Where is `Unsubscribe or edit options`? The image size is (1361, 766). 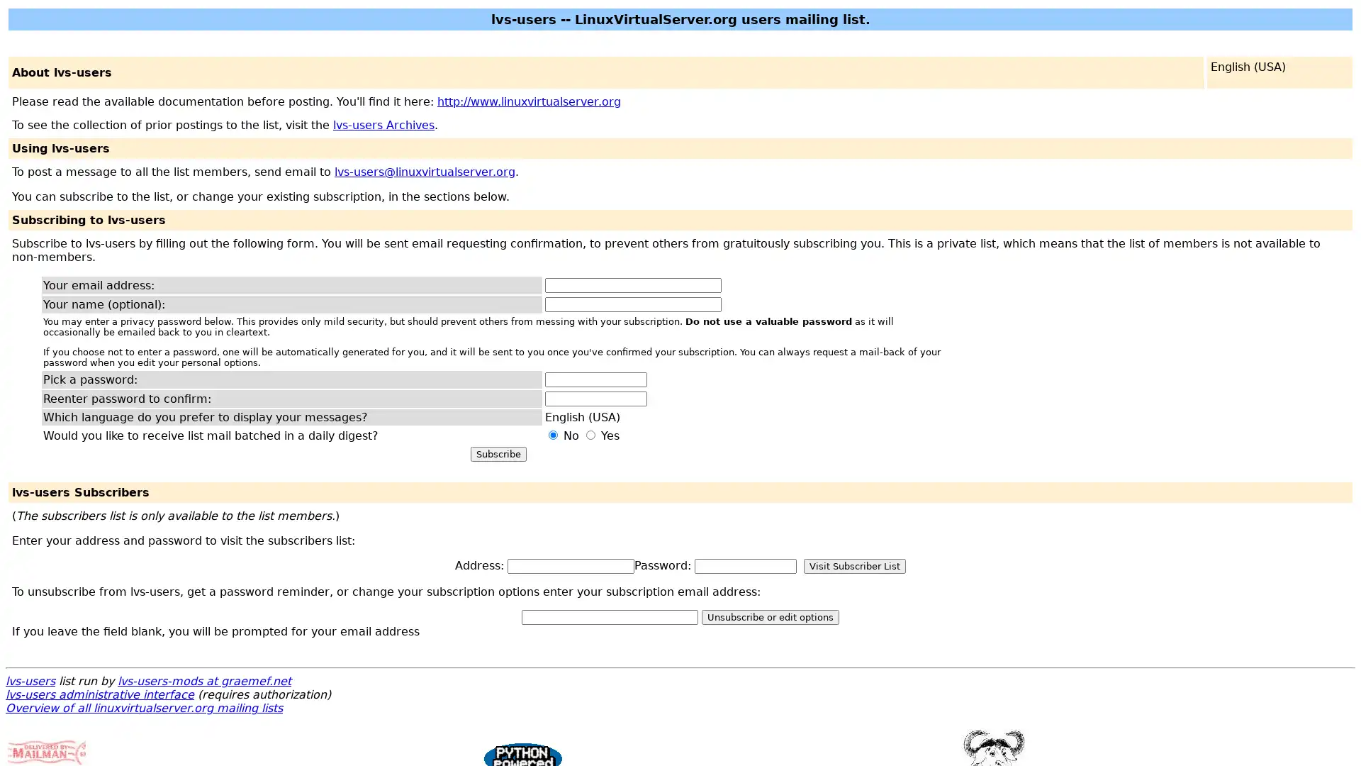 Unsubscribe or edit options is located at coordinates (769, 616).